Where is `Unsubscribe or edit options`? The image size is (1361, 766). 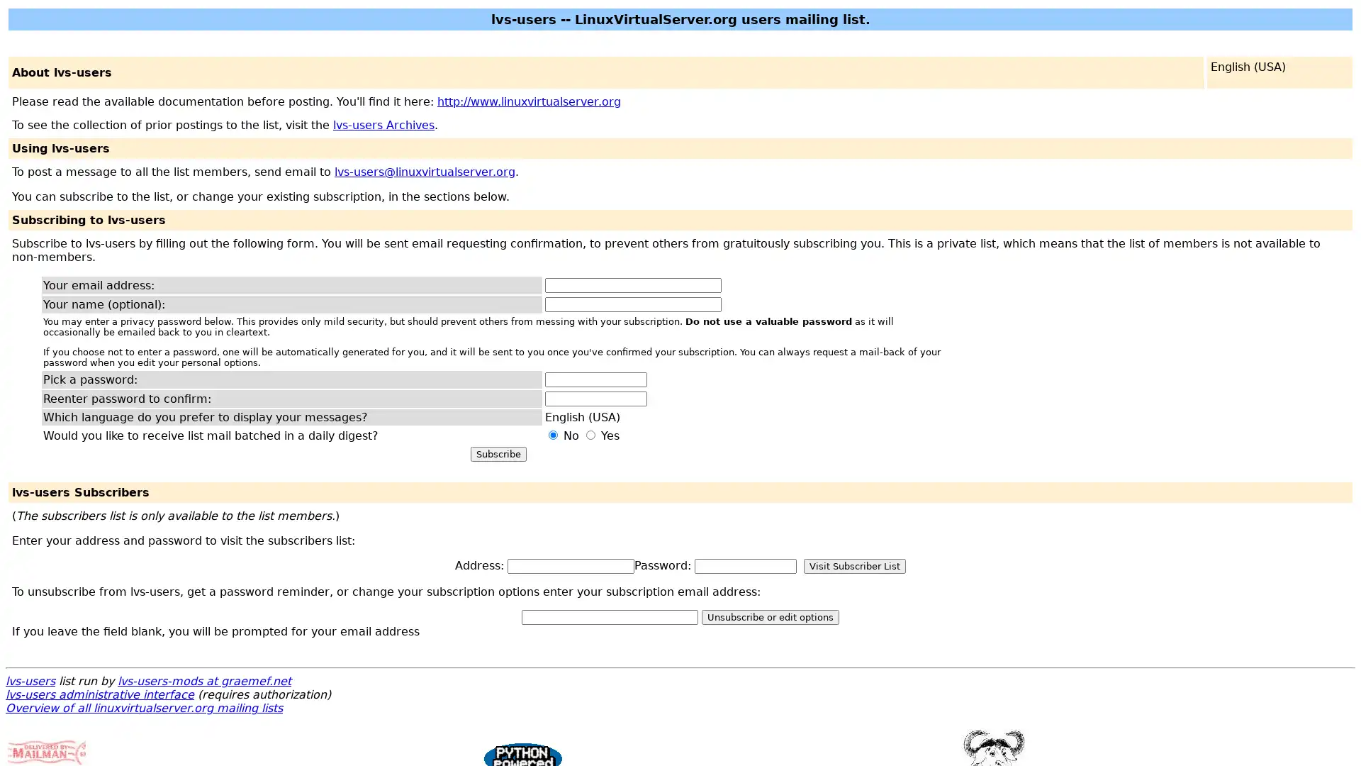 Unsubscribe or edit options is located at coordinates (769, 616).